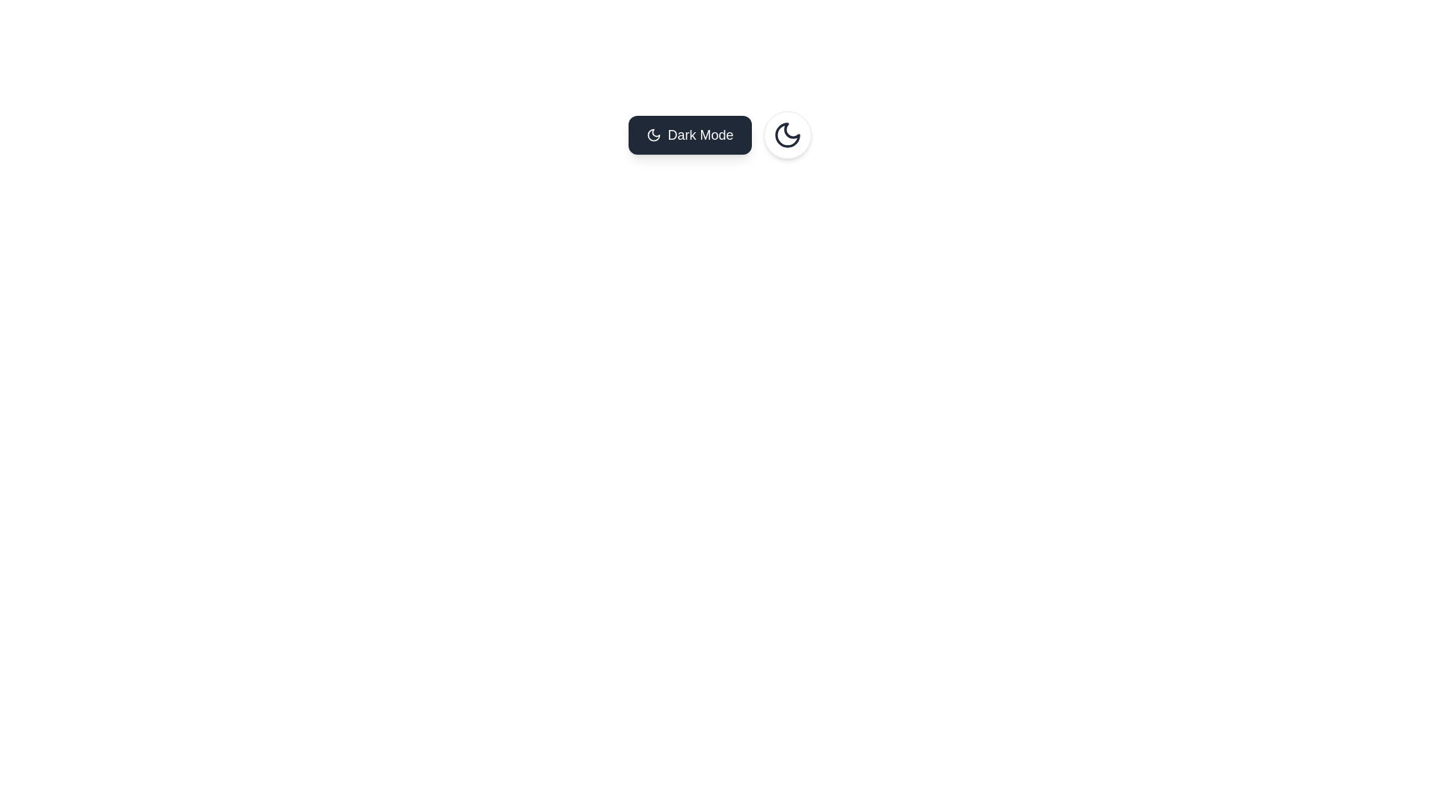 The height and width of the screenshot is (807, 1435). I want to click on the crescent moon icon located in the top-right corner of the interface, so click(786, 135).